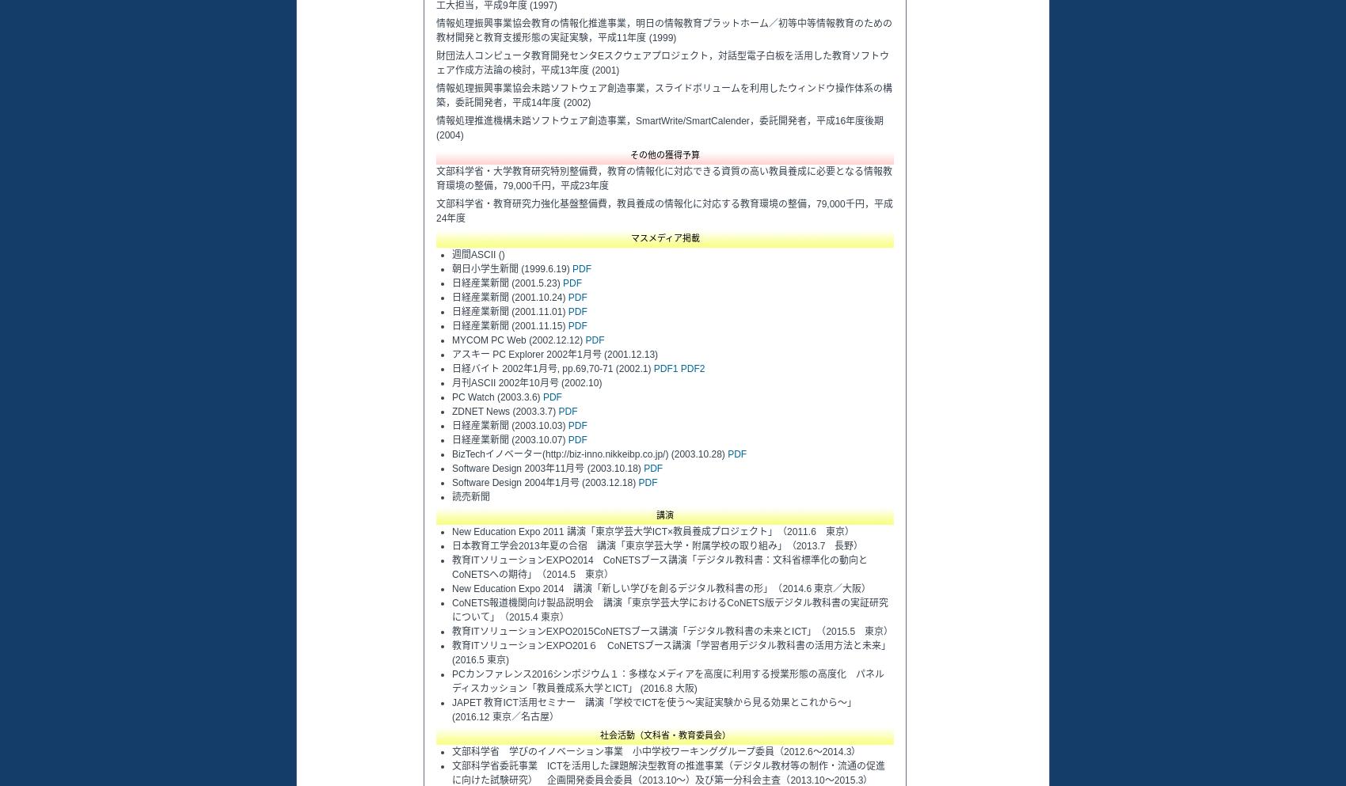 This screenshot has height=786, width=1346. Describe the element at coordinates (509, 325) in the screenshot. I see `'日経産業新聞 (2001.11.15)'` at that location.